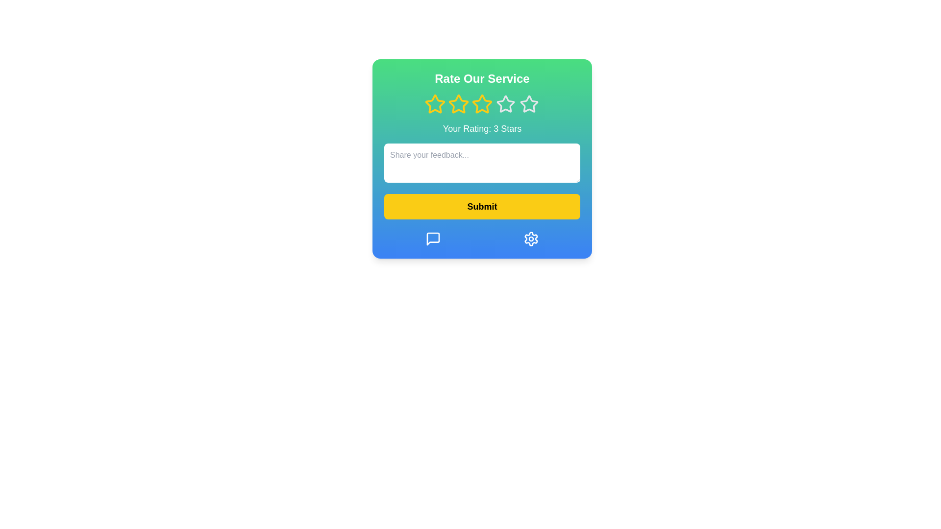  I want to click on the third star icon in the 5-star rating system, so click(506, 104).